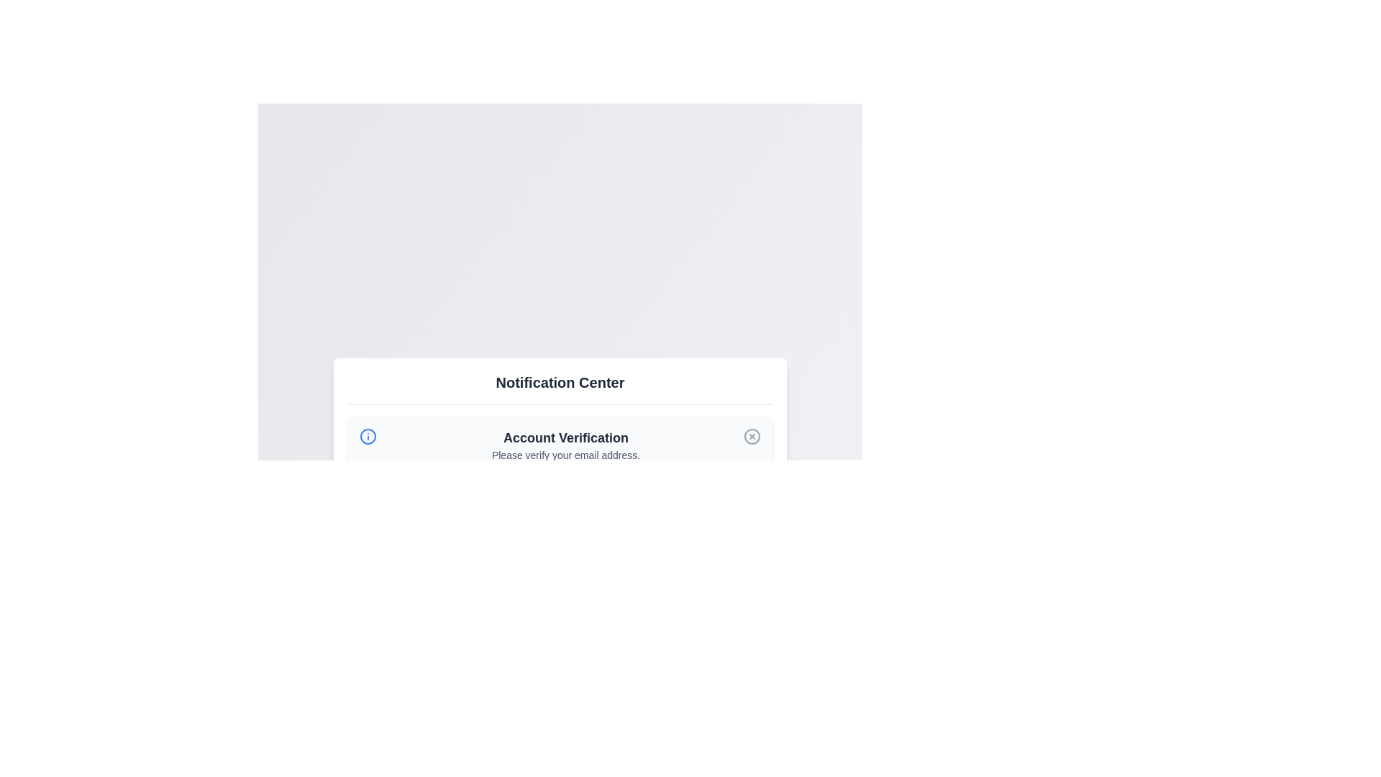 This screenshot has width=1381, height=777. Describe the element at coordinates (565, 437) in the screenshot. I see `the text label that serves as the title for the account verification section, positioned directly above the 'Please verify your email address.' text` at that location.